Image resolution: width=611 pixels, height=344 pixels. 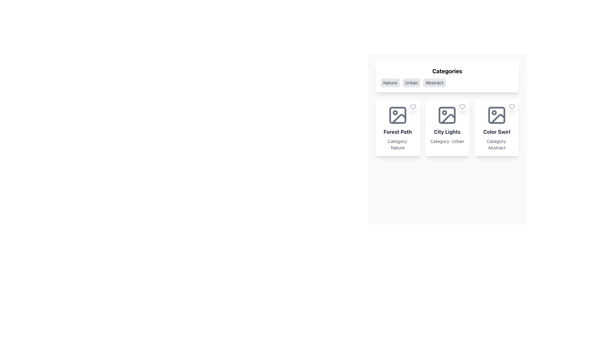 I want to click on the Information card representing an urban-themed category, located in the middle of a three-item horizontal grid layout, so click(x=447, y=128).